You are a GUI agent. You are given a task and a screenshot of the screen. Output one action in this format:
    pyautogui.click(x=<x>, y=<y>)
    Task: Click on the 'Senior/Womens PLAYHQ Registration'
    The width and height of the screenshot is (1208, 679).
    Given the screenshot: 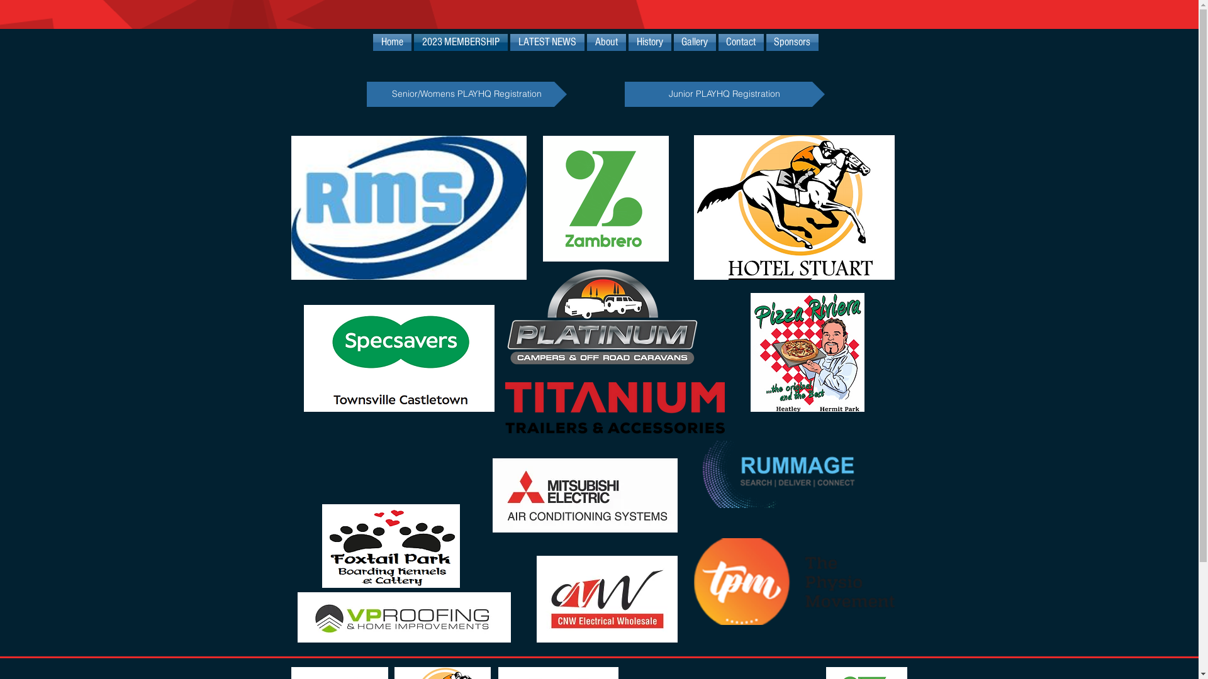 What is the action you would take?
    pyautogui.click(x=465, y=94)
    